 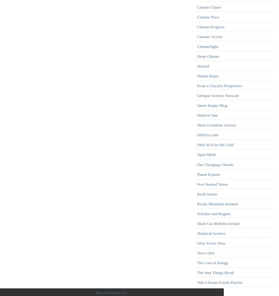 What do you see at coordinates (216, 125) in the screenshot?
I see `'More Grumbine Science'` at bounding box center [216, 125].